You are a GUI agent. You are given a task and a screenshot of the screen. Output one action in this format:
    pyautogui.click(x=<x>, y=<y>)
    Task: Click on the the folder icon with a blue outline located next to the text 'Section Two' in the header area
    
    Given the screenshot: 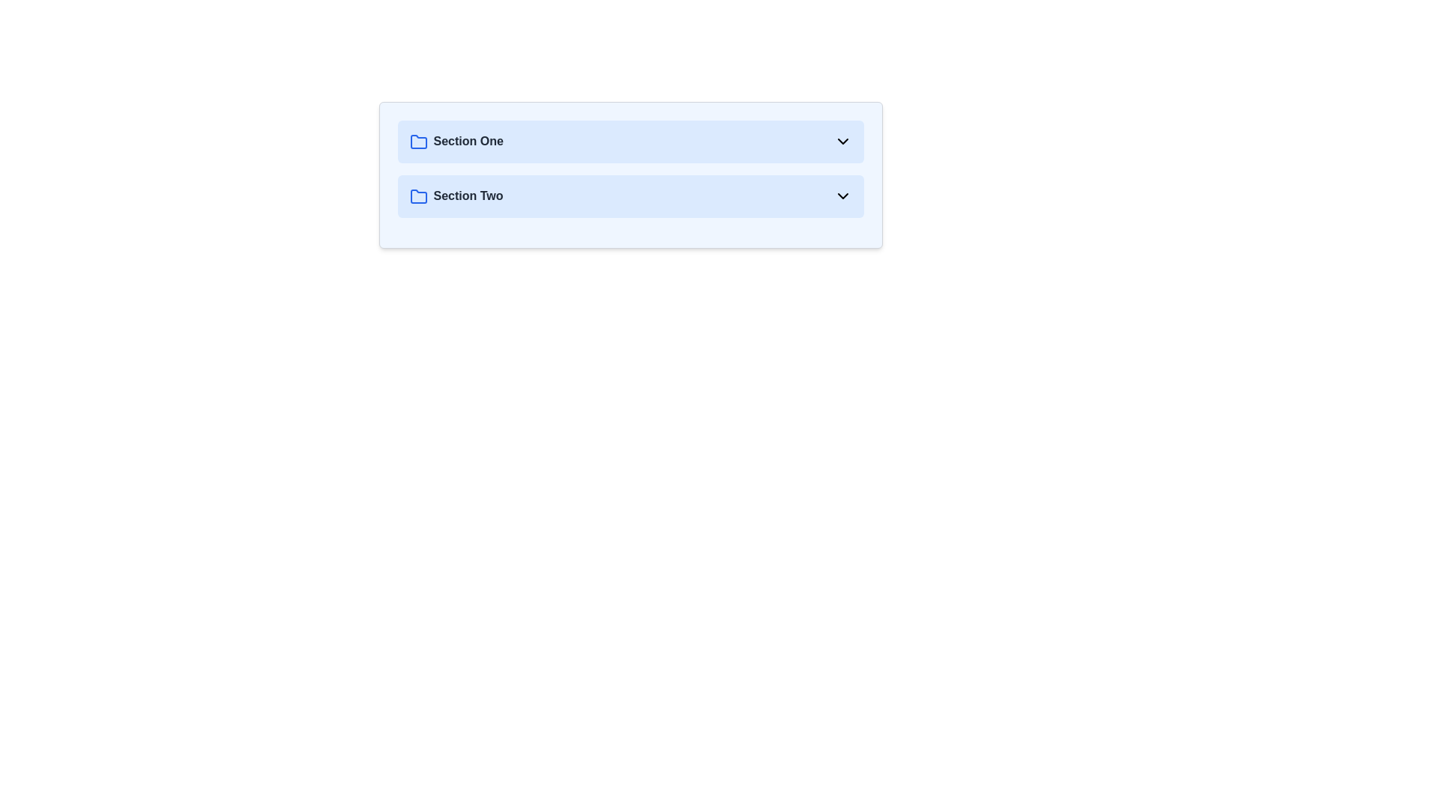 What is the action you would take?
    pyautogui.click(x=418, y=196)
    